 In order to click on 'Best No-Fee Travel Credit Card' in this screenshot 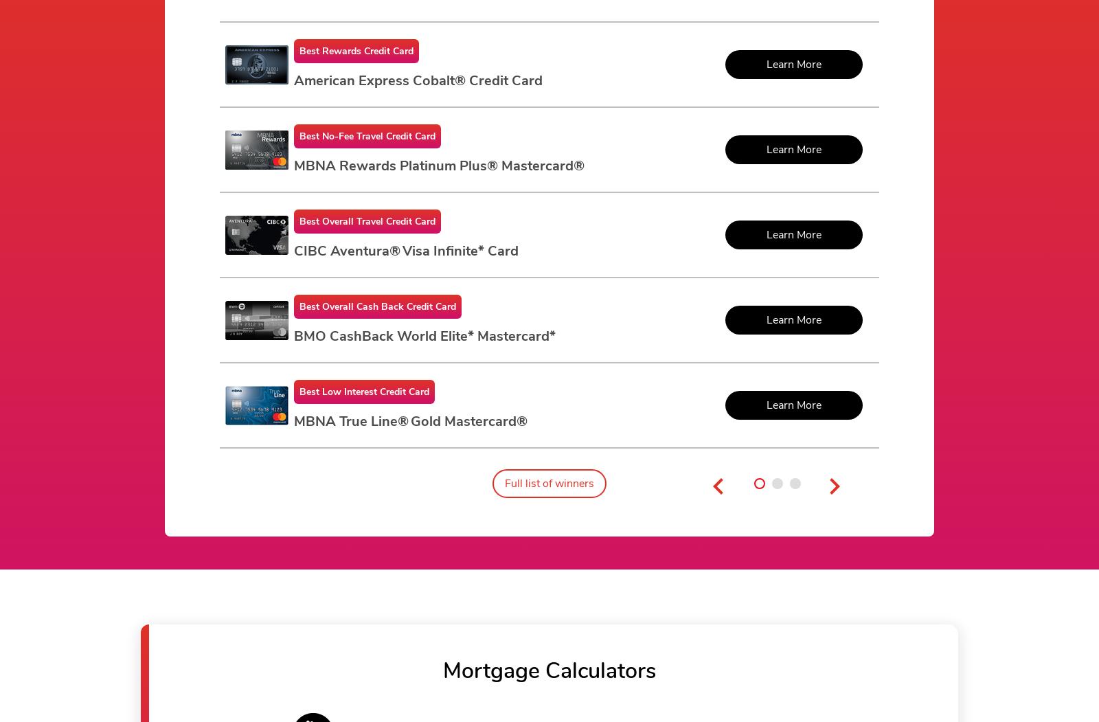, I will do `click(367, 136)`.